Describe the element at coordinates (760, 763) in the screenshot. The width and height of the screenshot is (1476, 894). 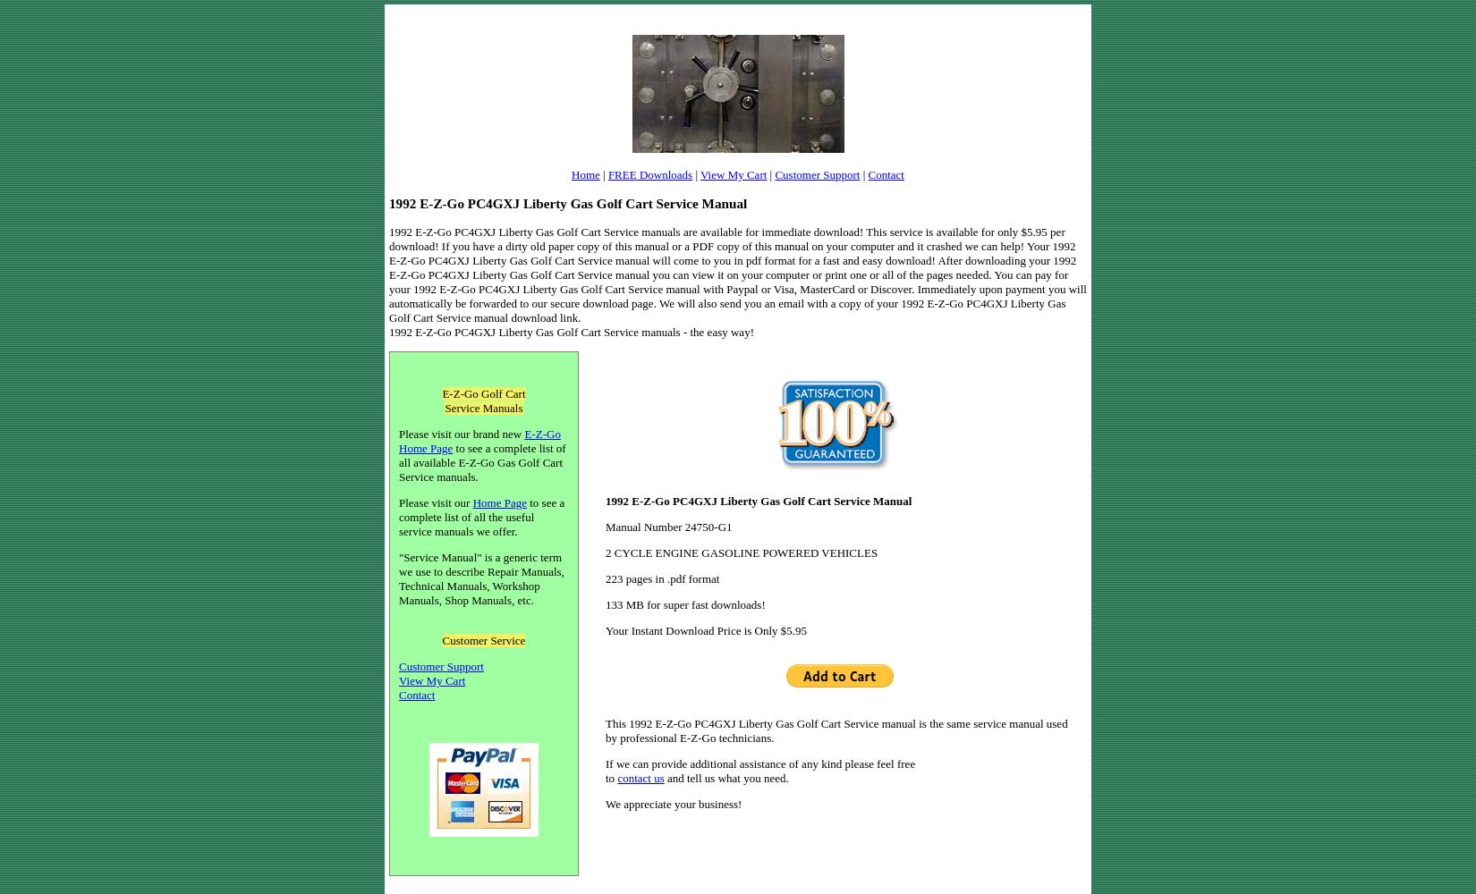
I see `'If we can provide additional assistance of any kind please feel free'` at that location.